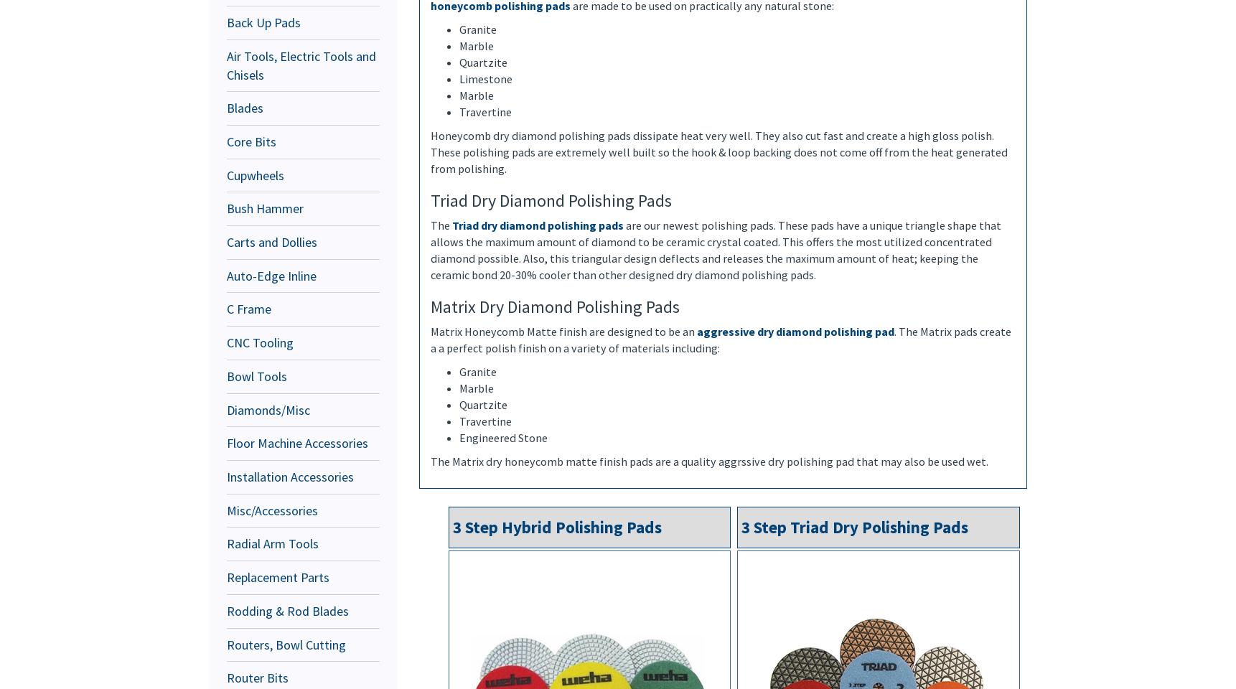 Image resolution: width=1236 pixels, height=689 pixels. What do you see at coordinates (272, 510) in the screenshot?
I see `'Misc/Accessories'` at bounding box center [272, 510].